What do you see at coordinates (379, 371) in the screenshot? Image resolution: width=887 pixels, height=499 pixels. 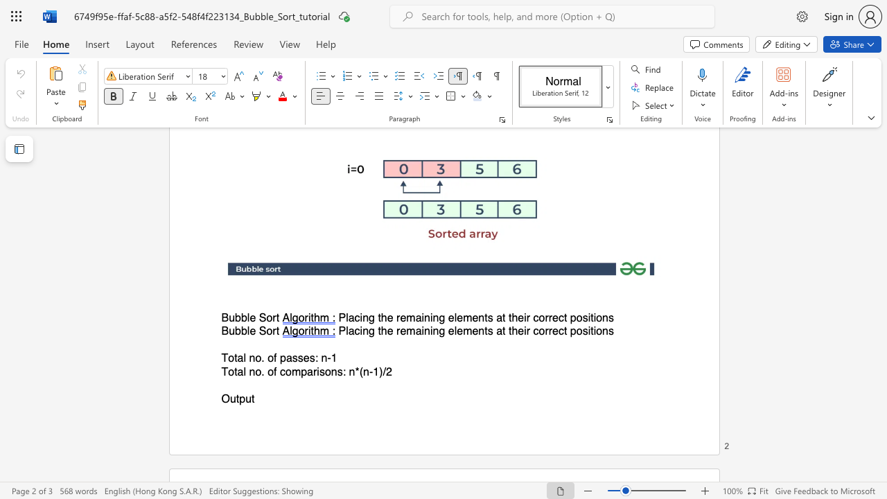 I see `the subset text ")/2" within the text "Total no. of comparisons: n*(n-1)/2"` at bounding box center [379, 371].